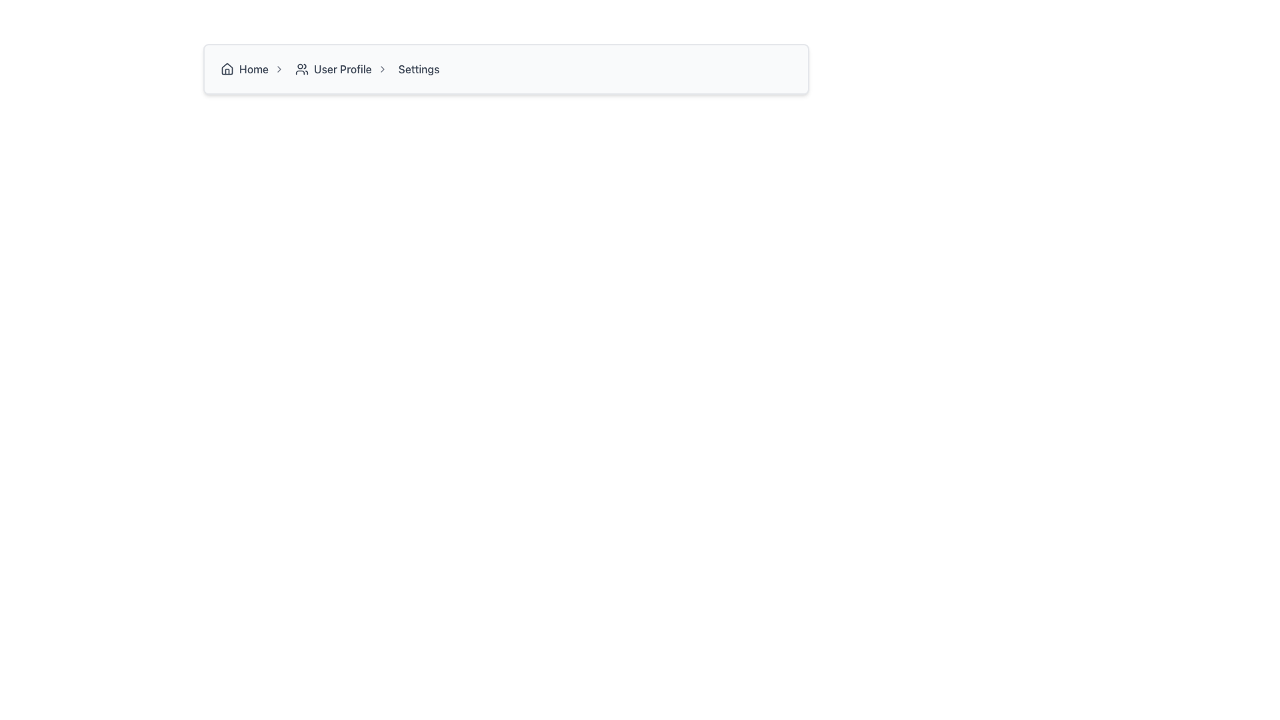  I want to click on the 'Home' icon in the breadcrumb navigation, so click(227, 69).